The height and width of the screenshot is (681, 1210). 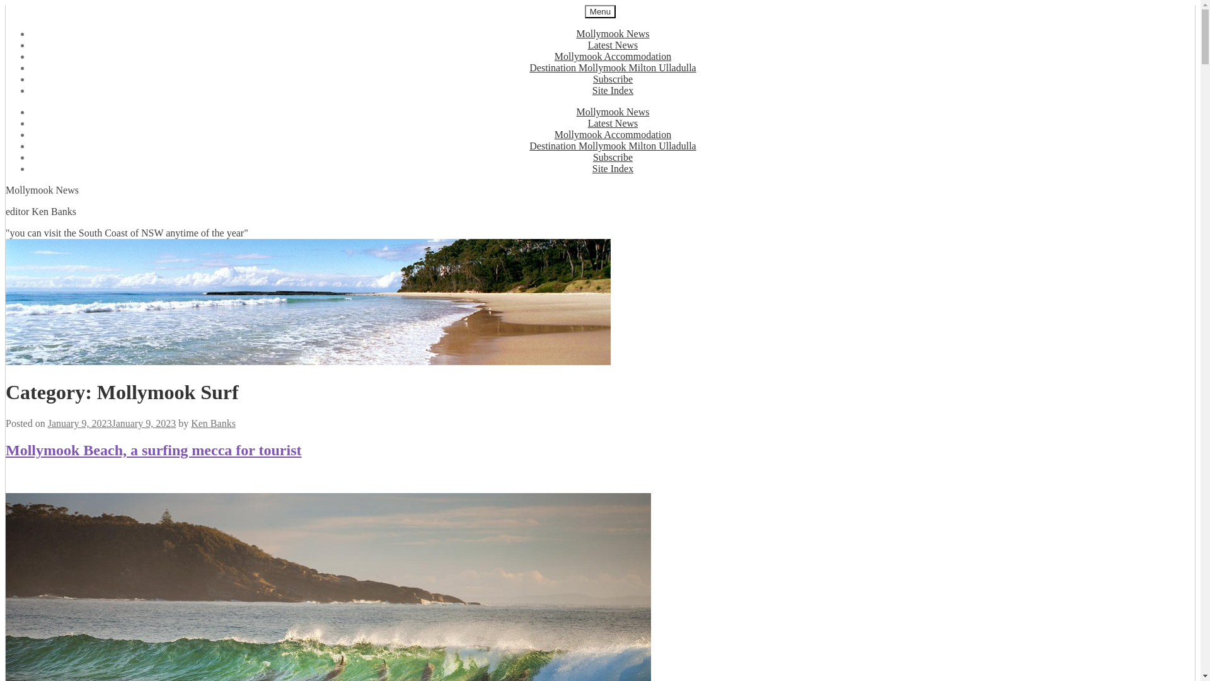 I want to click on 'Mollymook News', so click(x=612, y=111).